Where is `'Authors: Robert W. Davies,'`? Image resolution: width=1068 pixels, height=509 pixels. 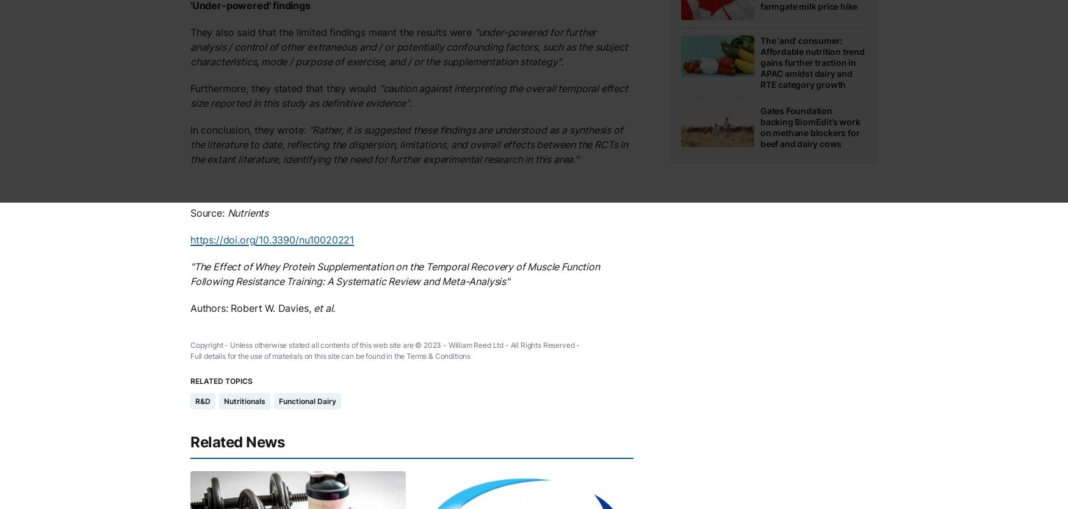
'Authors: Robert W. Davies,' is located at coordinates (251, 307).